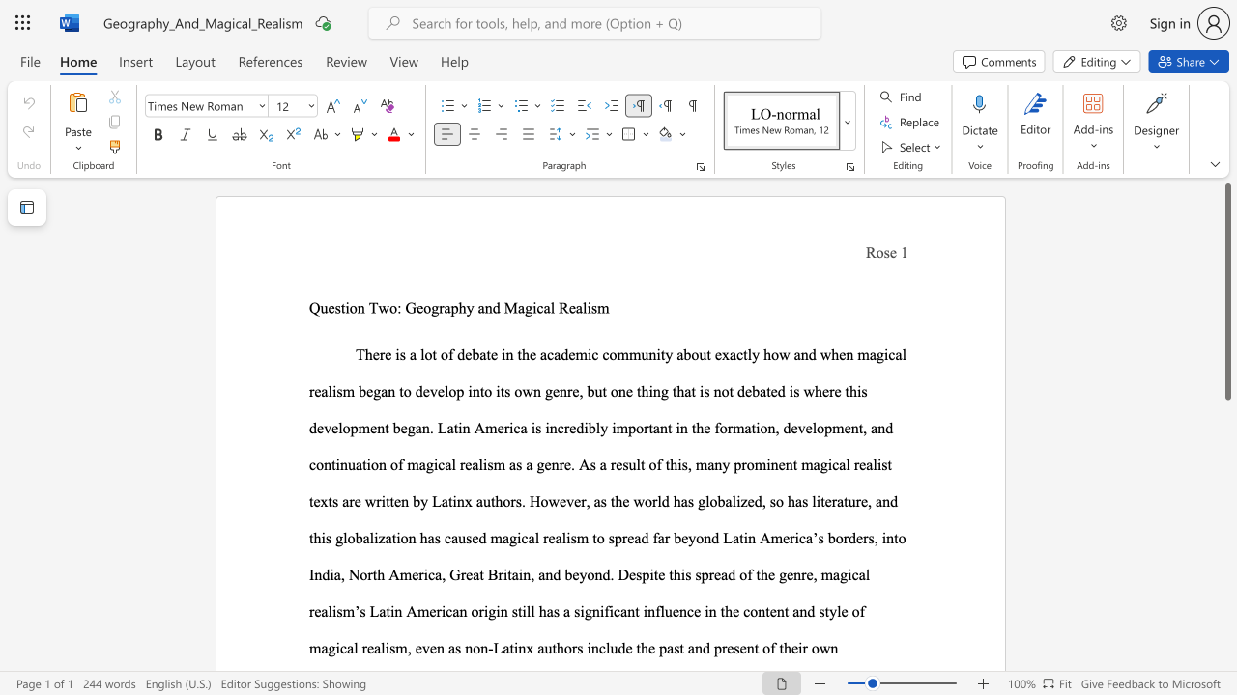 The height and width of the screenshot is (695, 1237). I want to click on the scrollbar to slide the page down, so click(1226, 531).